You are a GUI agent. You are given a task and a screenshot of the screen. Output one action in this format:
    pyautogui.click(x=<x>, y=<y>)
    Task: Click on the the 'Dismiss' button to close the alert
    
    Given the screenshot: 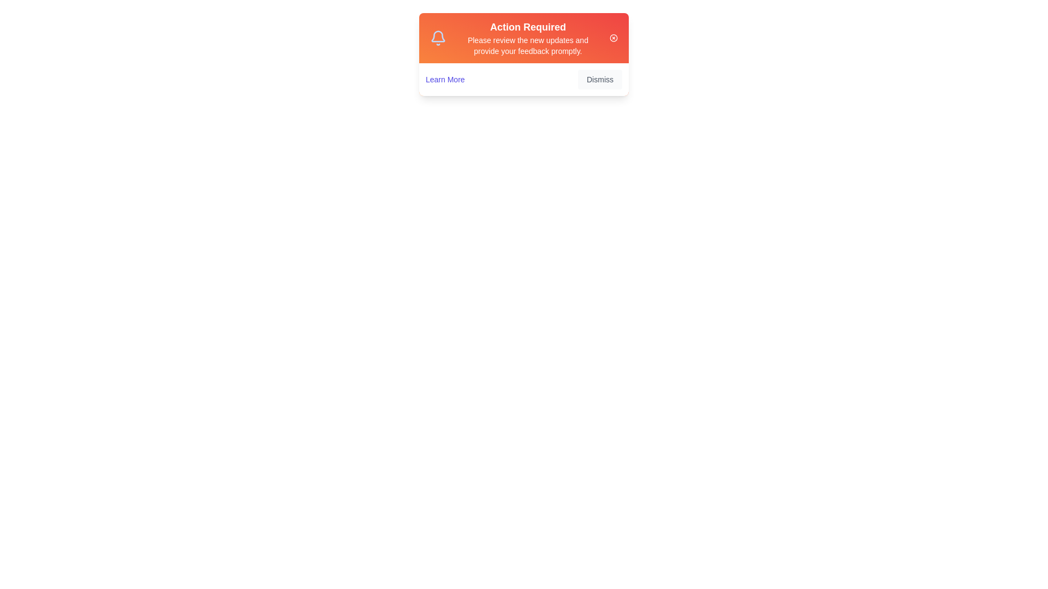 What is the action you would take?
    pyautogui.click(x=599, y=79)
    